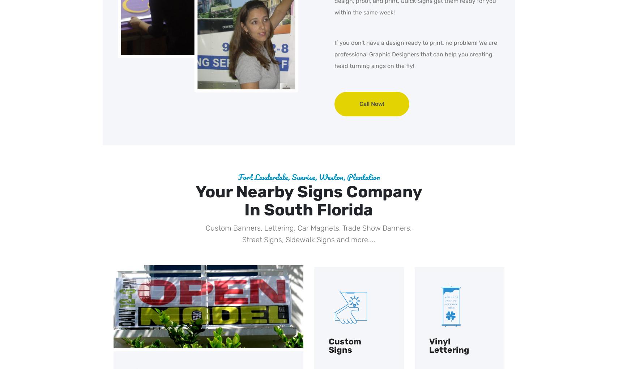 The image size is (623, 369). What do you see at coordinates (328, 349) in the screenshot?
I see `'Signs'` at bounding box center [328, 349].